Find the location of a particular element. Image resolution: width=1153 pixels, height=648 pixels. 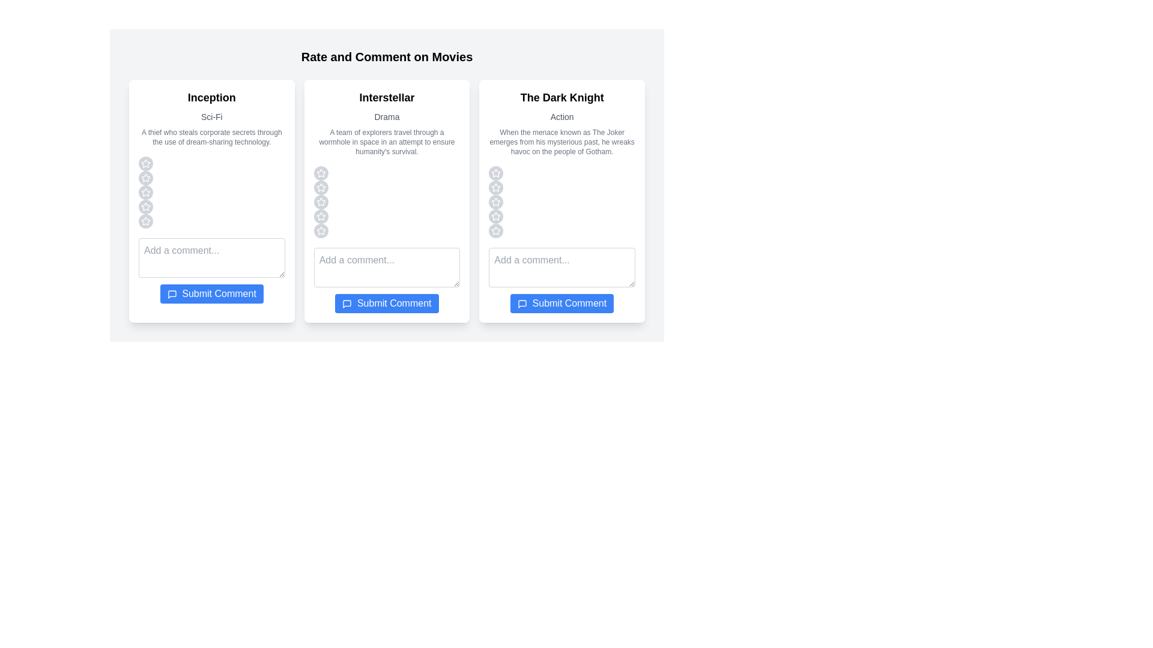

the star corresponding to the rating 3 for the movie Interstellar is located at coordinates (320, 201).